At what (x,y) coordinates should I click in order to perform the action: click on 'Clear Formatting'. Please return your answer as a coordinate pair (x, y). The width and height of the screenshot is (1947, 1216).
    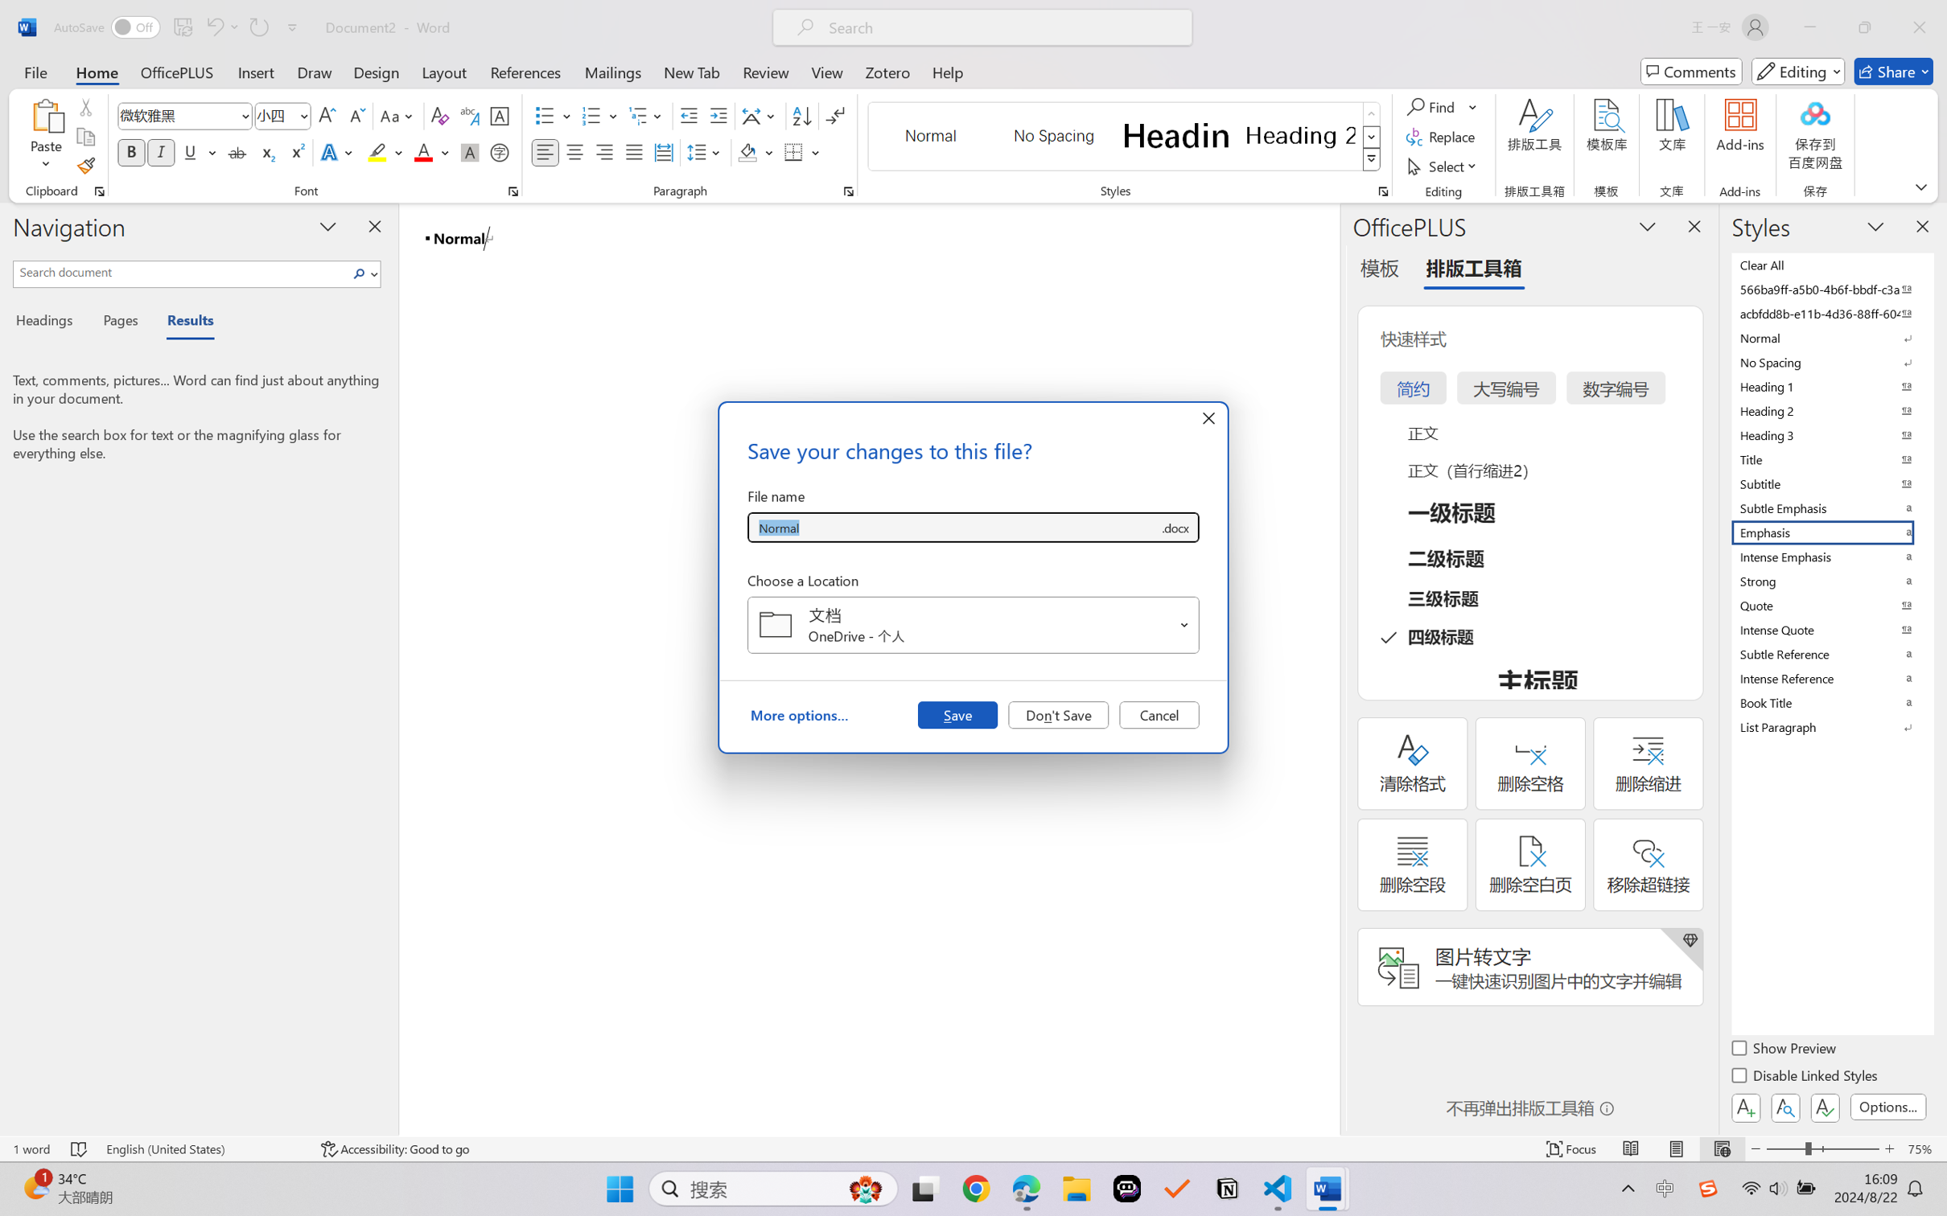
    Looking at the image, I should click on (438, 116).